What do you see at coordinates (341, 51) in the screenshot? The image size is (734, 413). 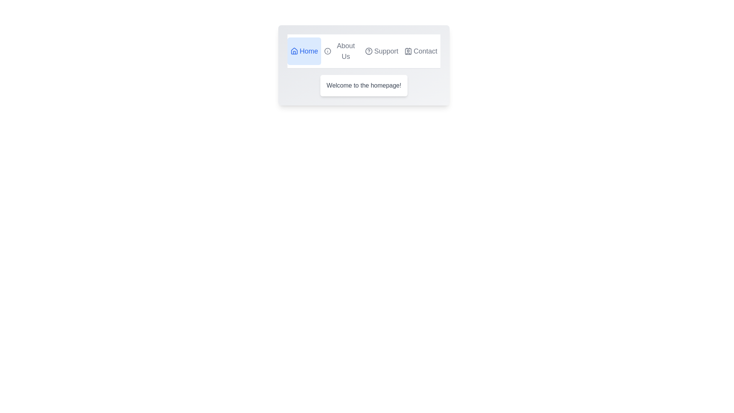 I see `the tab labeled 'About Us' to preview its hover effect` at bounding box center [341, 51].